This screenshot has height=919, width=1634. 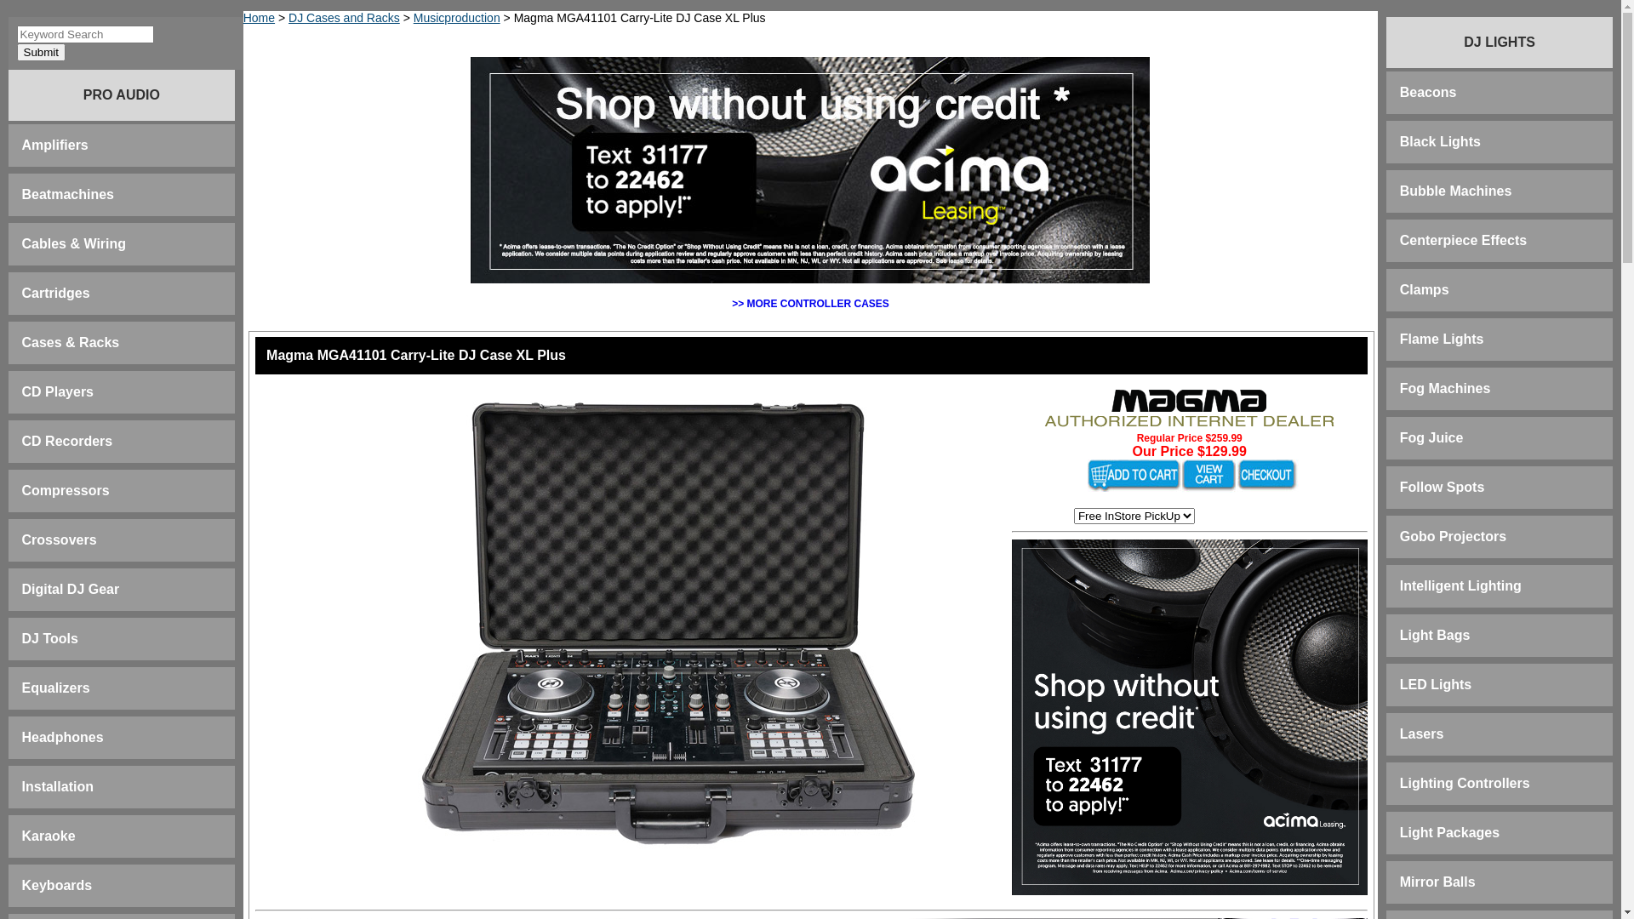 What do you see at coordinates (343, 17) in the screenshot?
I see `'DJ Cases and Racks'` at bounding box center [343, 17].